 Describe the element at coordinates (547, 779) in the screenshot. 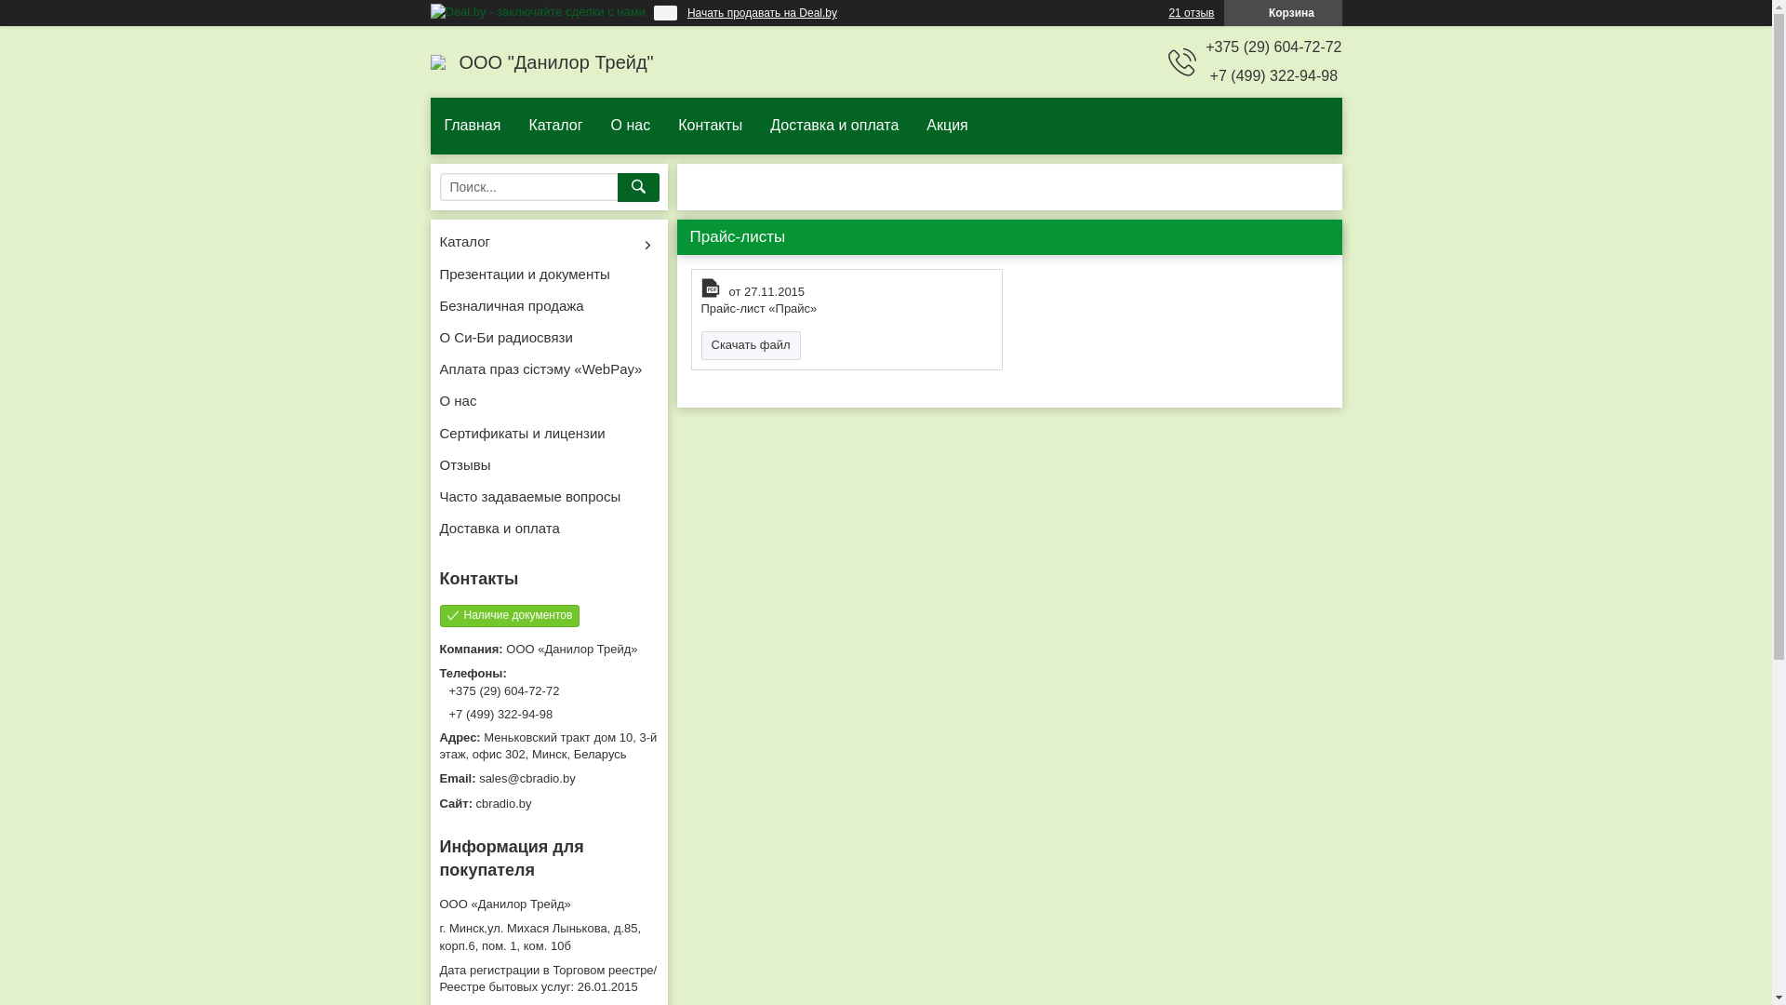

I see `'sales@cbradio.by'` at that location.